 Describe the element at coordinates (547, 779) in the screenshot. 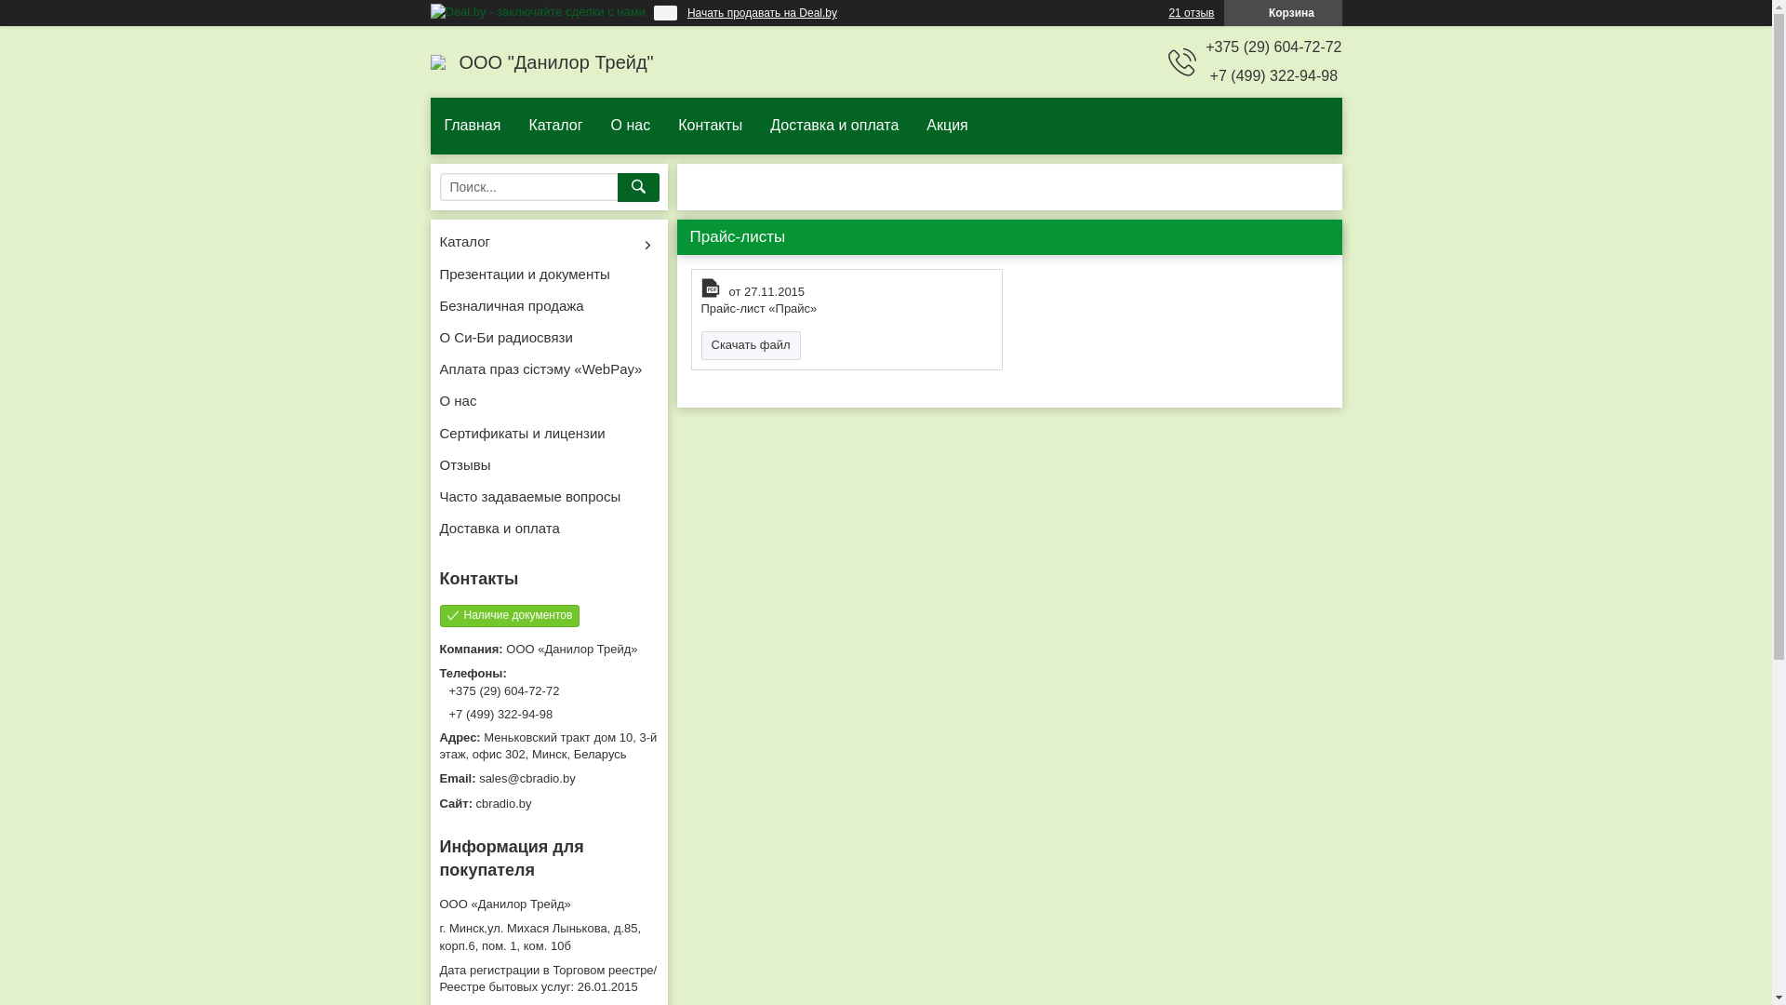

I see `'sales@cbradio.by'` at that location.